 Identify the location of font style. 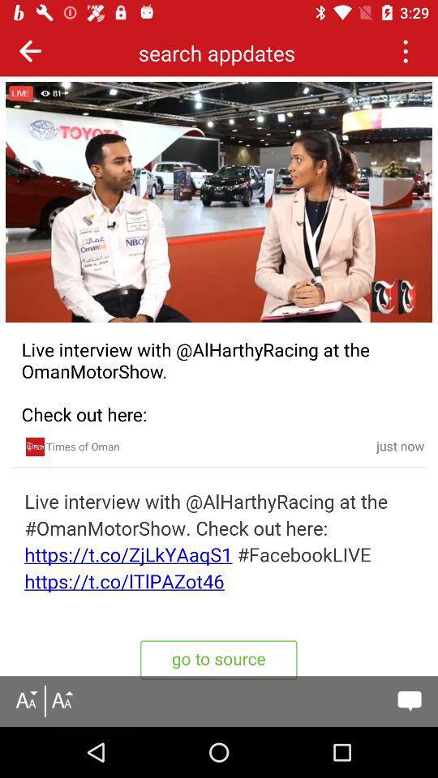
(61, 700).